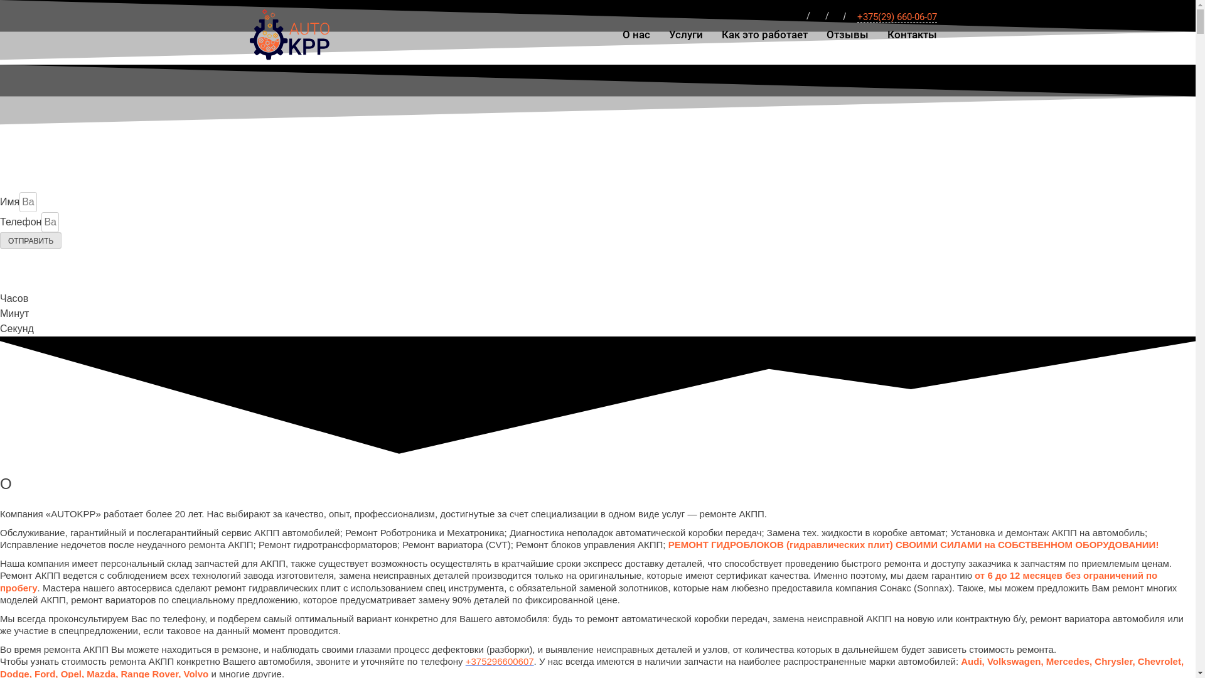 This screenshot has width=1205, height=678. What do you see at coordinates (499, 660) in the screenshot?
I see `'+375296600607'` at bounding box center [499, 660].